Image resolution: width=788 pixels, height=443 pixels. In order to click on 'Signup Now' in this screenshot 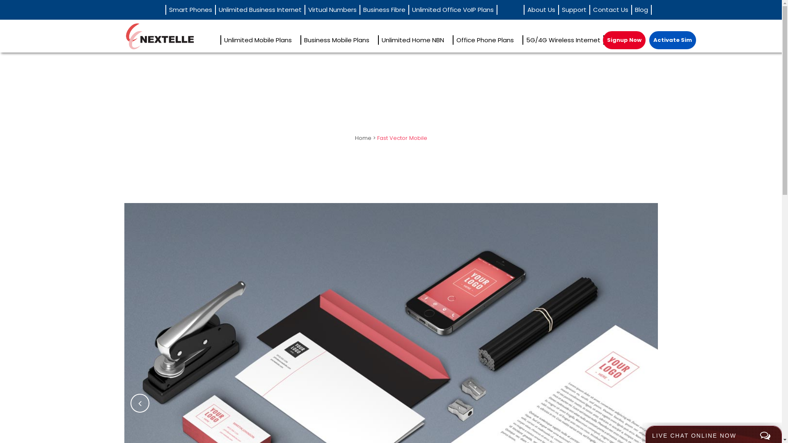, I will do `click(624, 40)`.